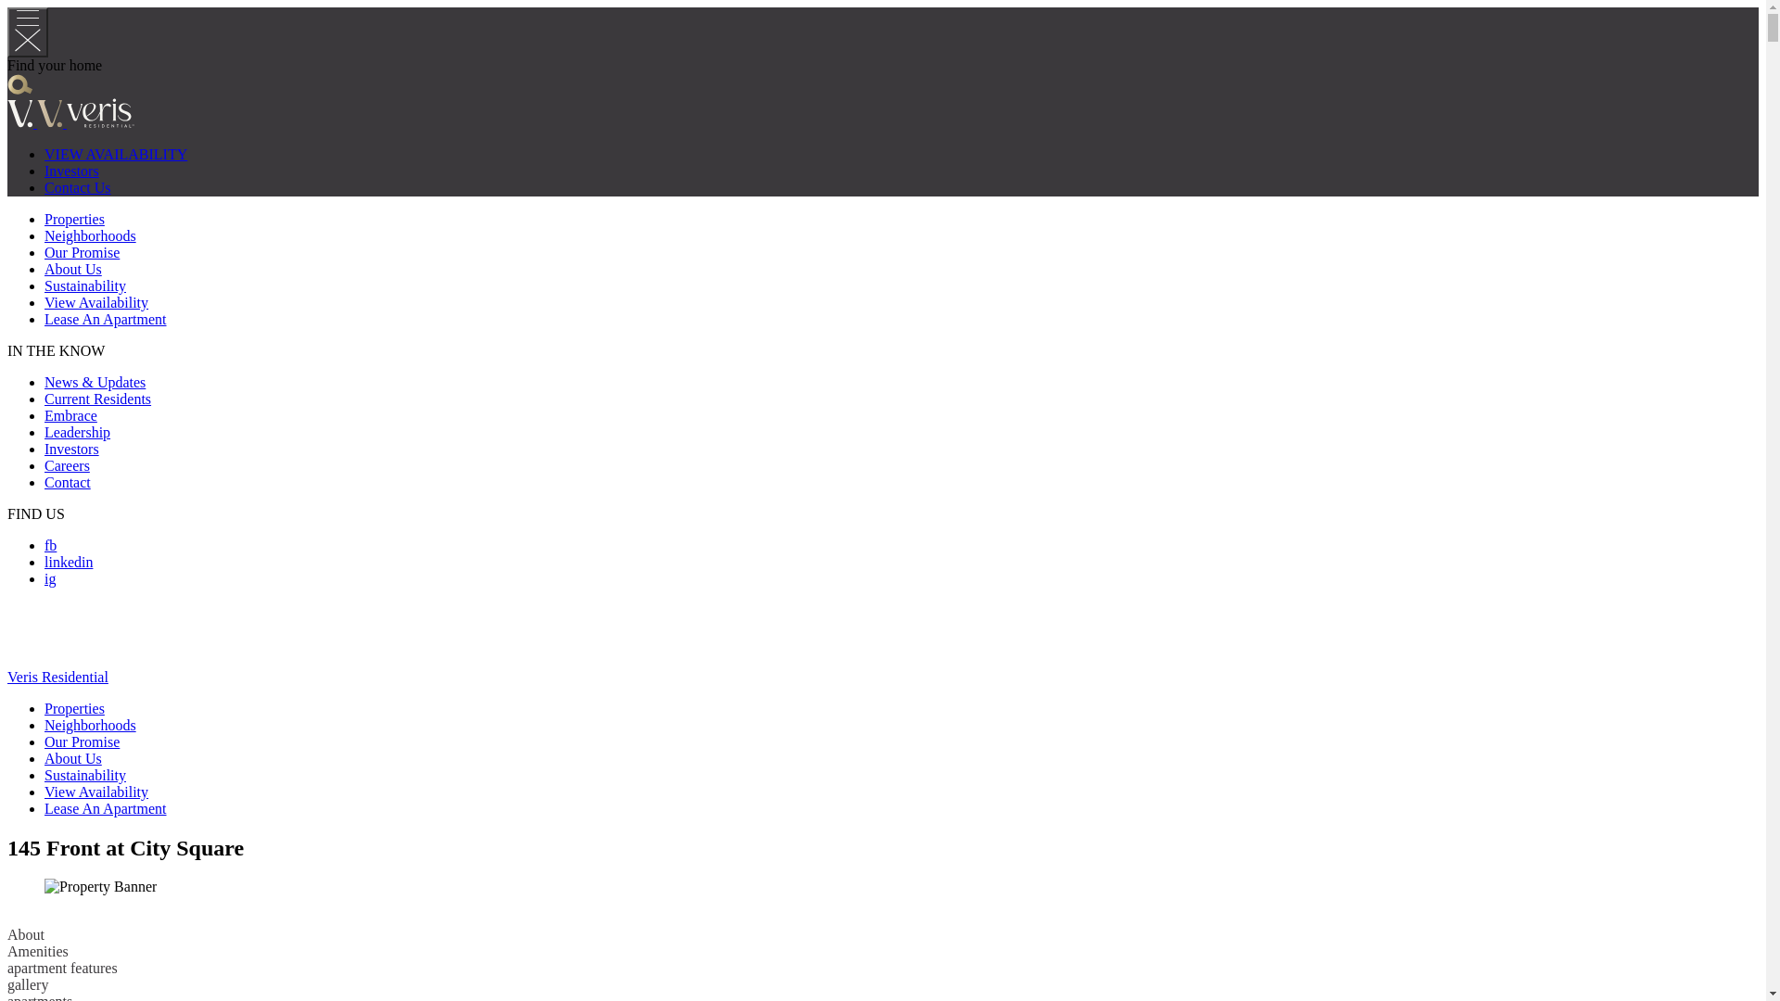  Describe the element at coordinates (81, 741) in the screenshot. I see `'Our Promise'` at that location.